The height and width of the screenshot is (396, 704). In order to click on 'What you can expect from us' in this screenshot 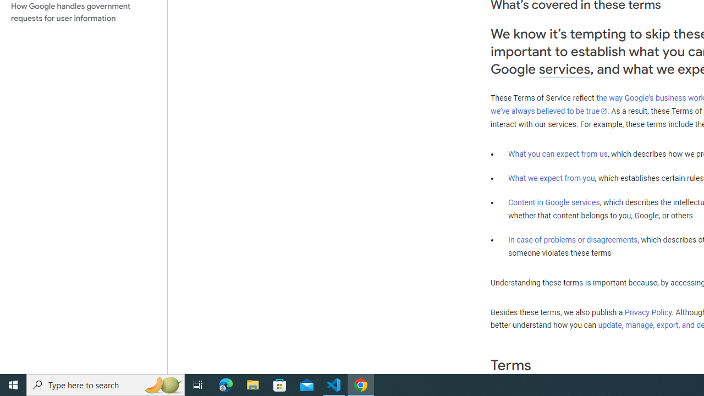, I will do `click(558, 153)`.